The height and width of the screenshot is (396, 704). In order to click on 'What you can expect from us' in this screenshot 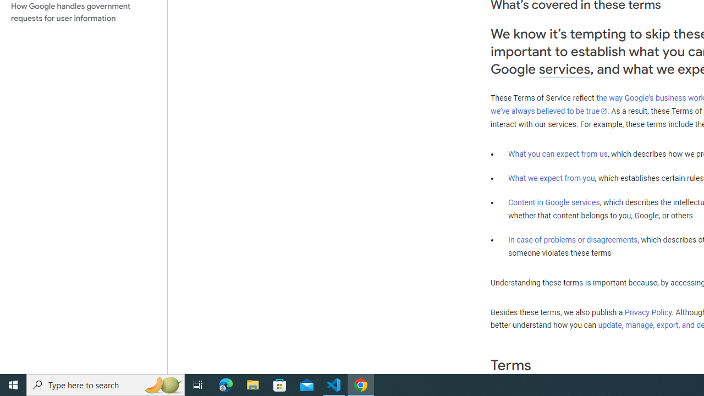, I will do `click(558, 153)`.